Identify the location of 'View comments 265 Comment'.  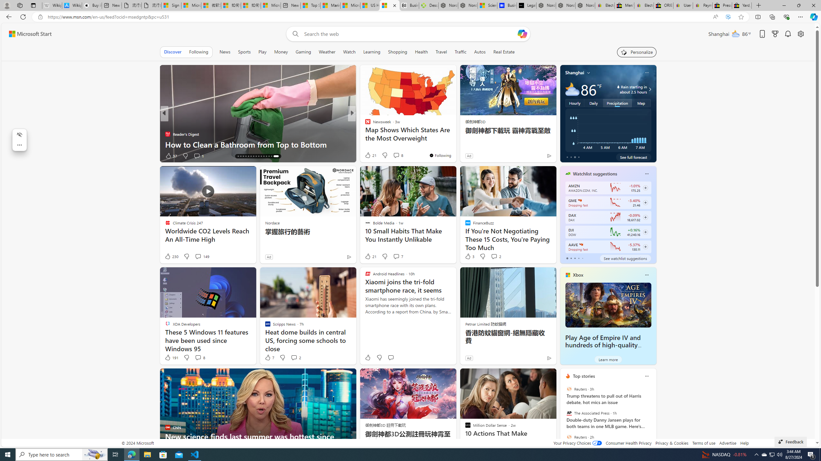
(396, 156).